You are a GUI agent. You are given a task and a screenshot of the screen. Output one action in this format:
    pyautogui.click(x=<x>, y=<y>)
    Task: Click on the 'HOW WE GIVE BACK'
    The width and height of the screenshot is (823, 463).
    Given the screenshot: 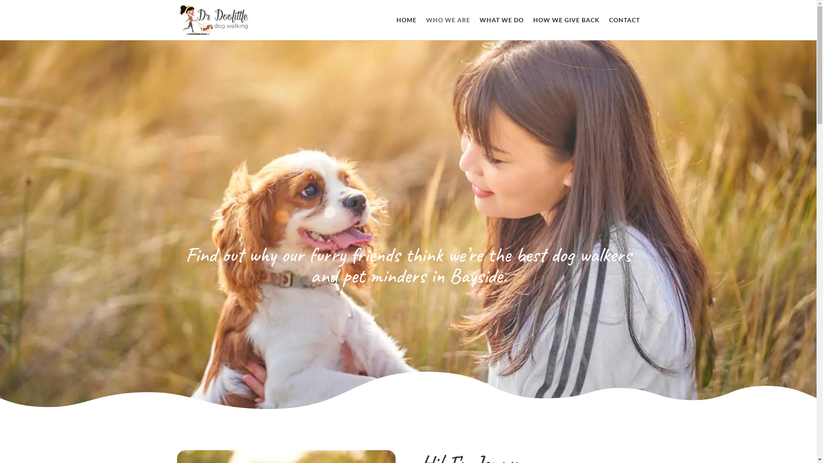 What is the action you would take?
    pyautogui.click(x=532, y=28)
    